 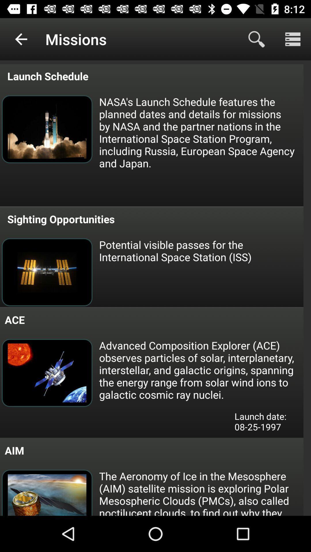 I want to click on the nasa s launch, so click(x=200, y=132).